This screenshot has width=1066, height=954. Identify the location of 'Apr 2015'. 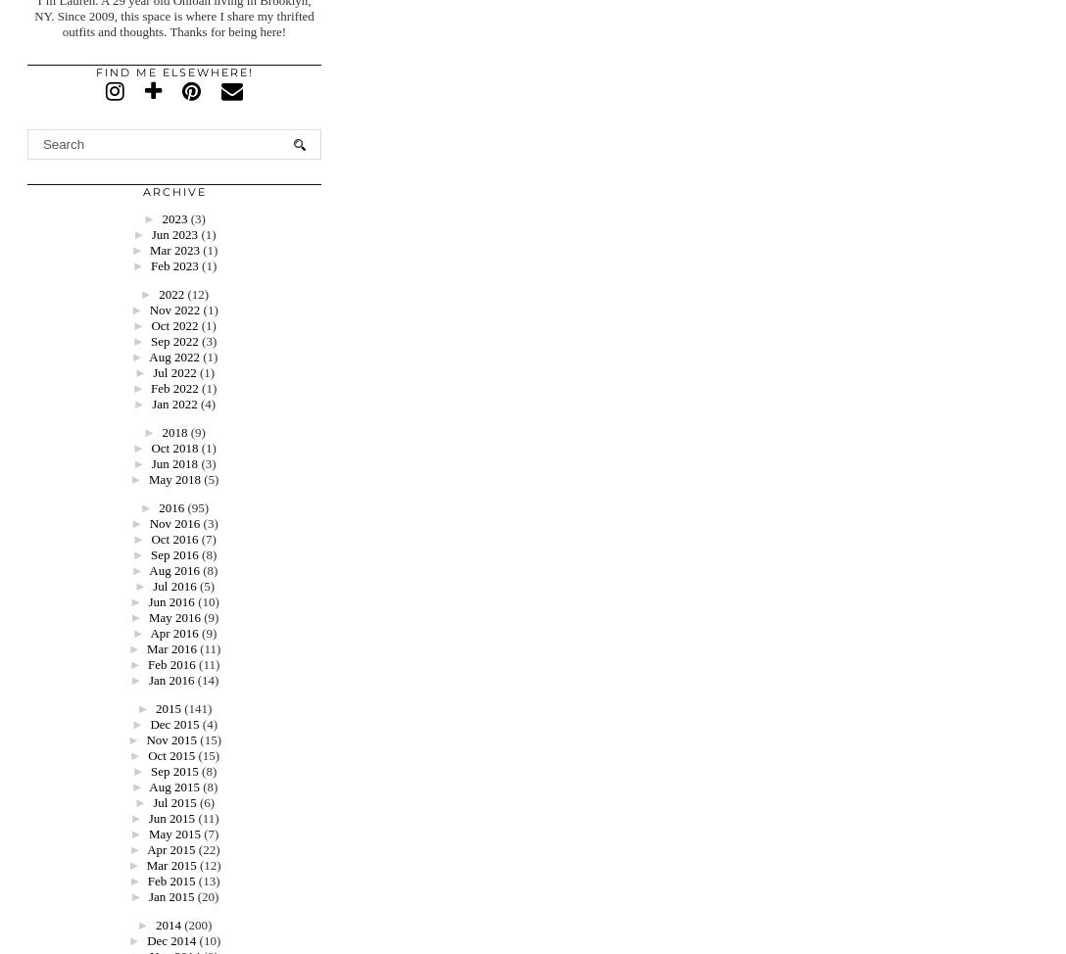
(170, 849).